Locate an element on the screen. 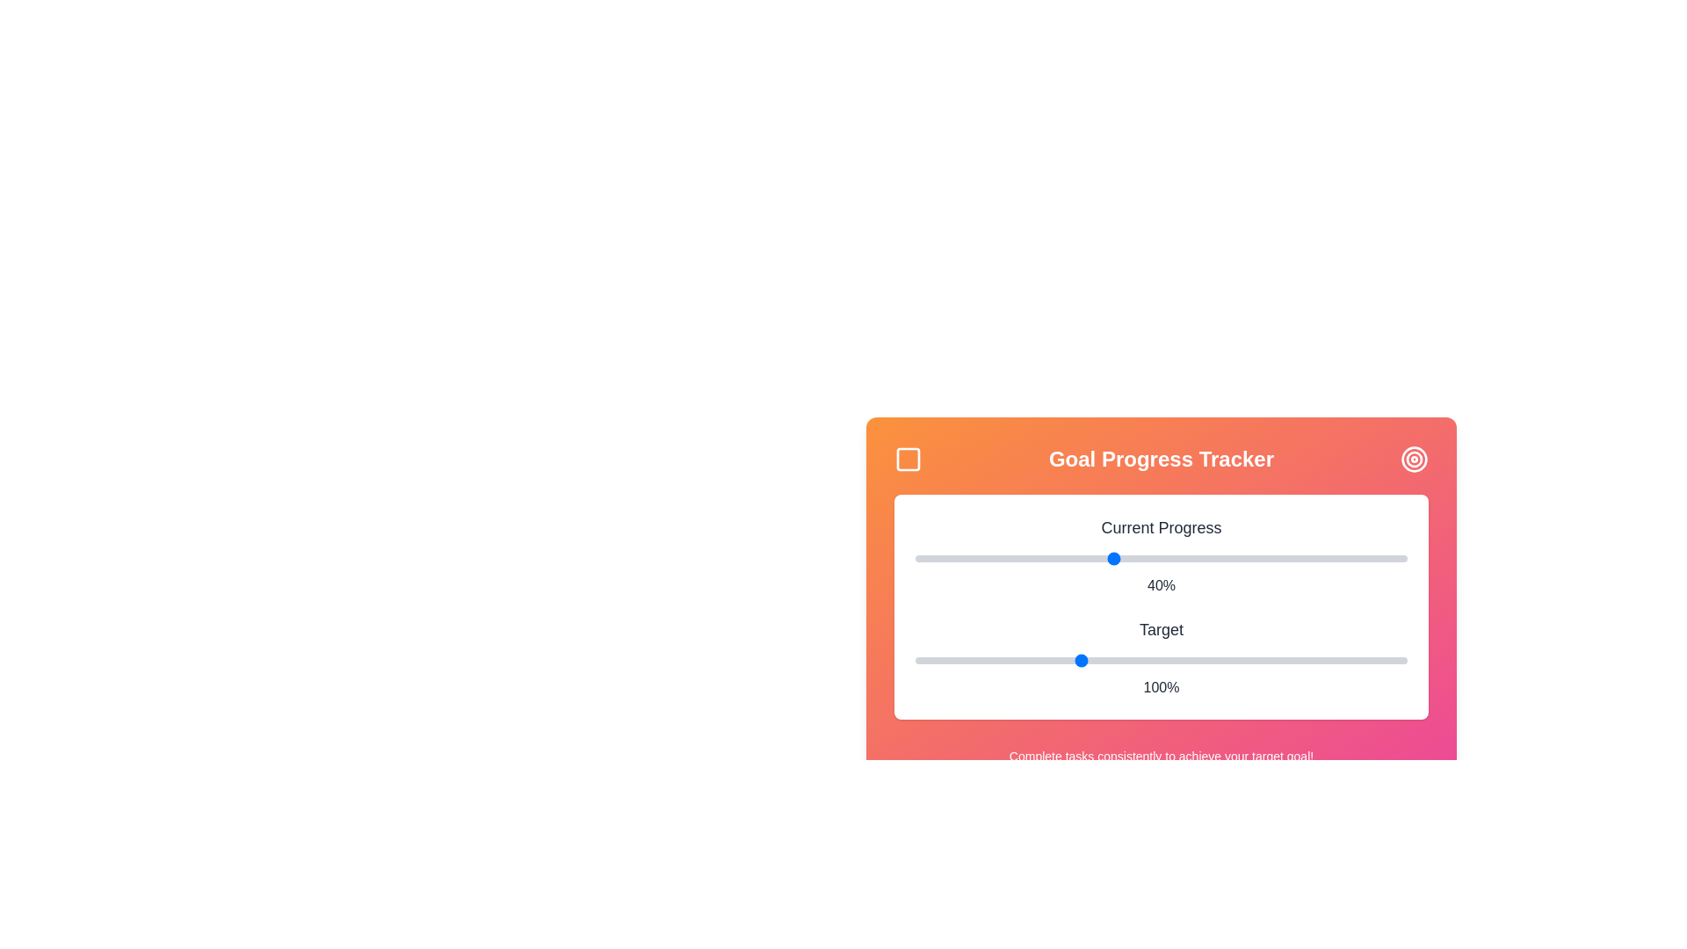  the 'Current Progress' slider to 94% is located at coordinates (1377, 559).